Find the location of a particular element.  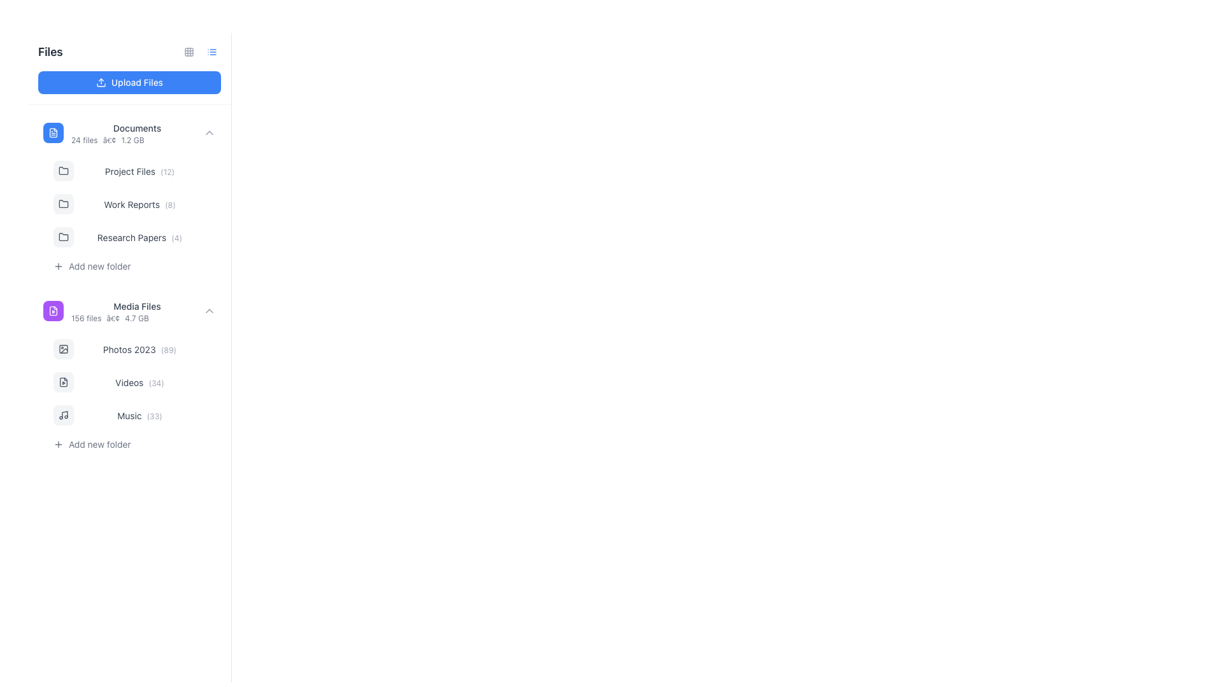

the Documents icon in the sidebar menu, which visually represents the 'Documents' category, located next to the 'Documents' label is located at coordinates (52, 132).